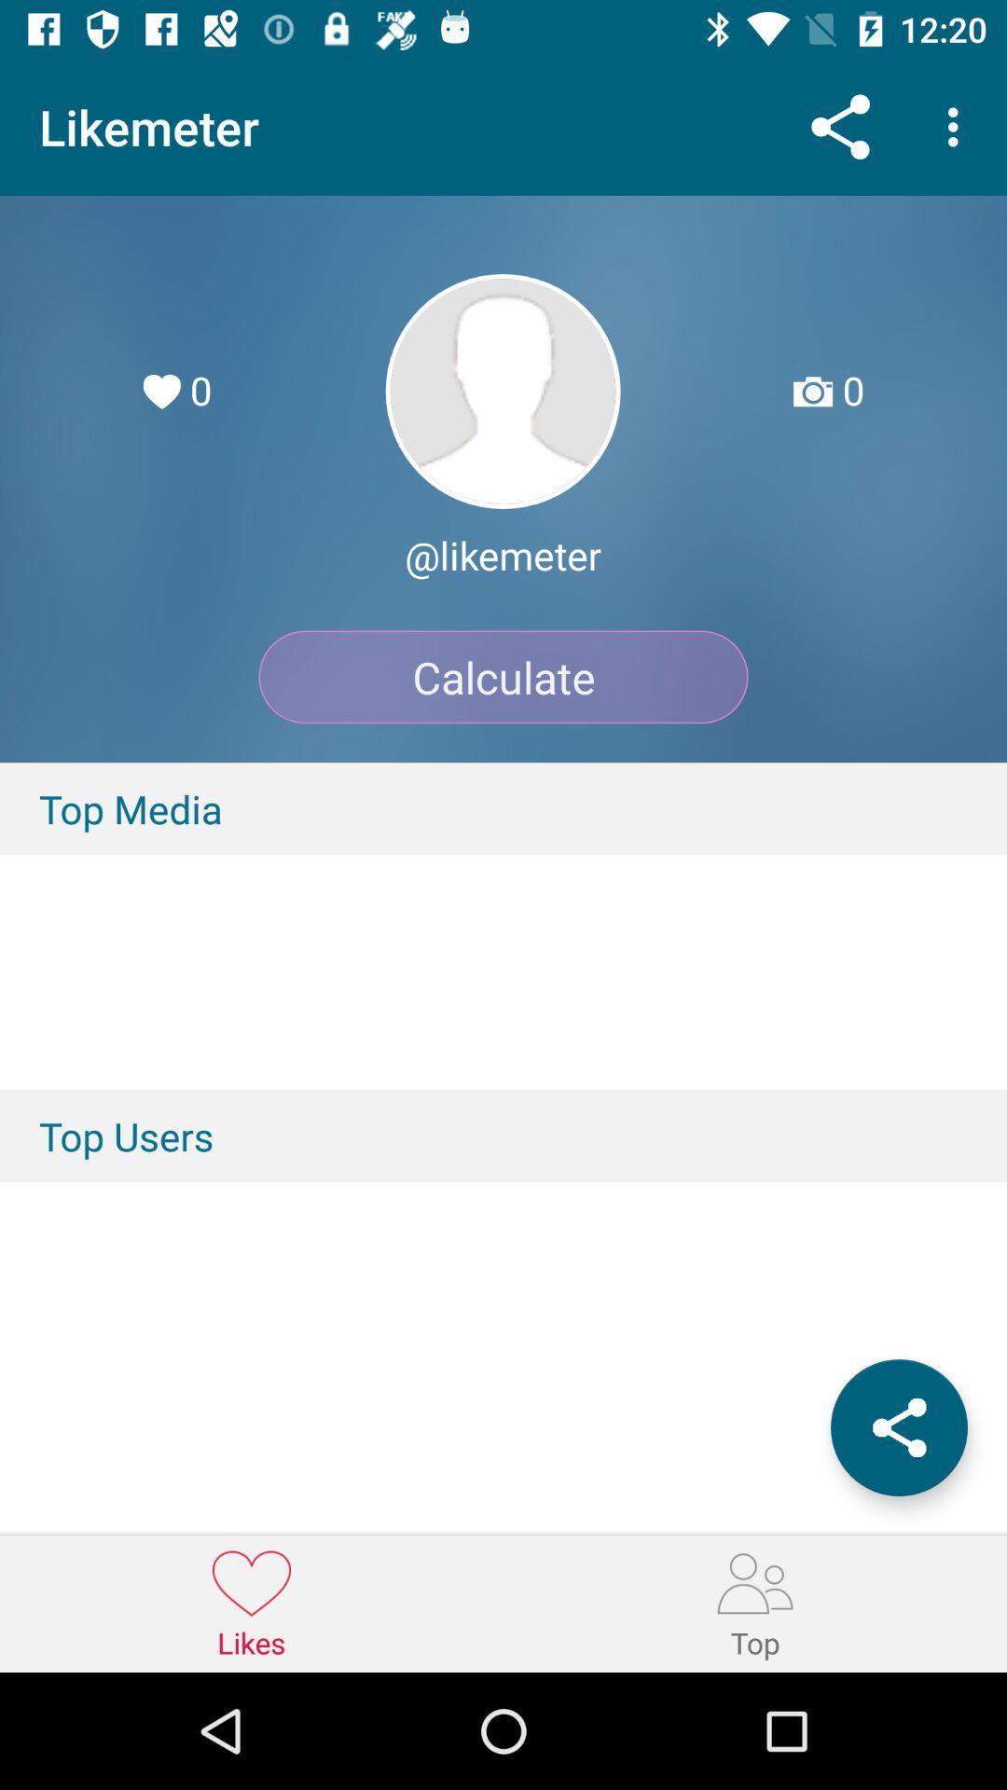  I want to click on the share icon, so click(898, 1426).